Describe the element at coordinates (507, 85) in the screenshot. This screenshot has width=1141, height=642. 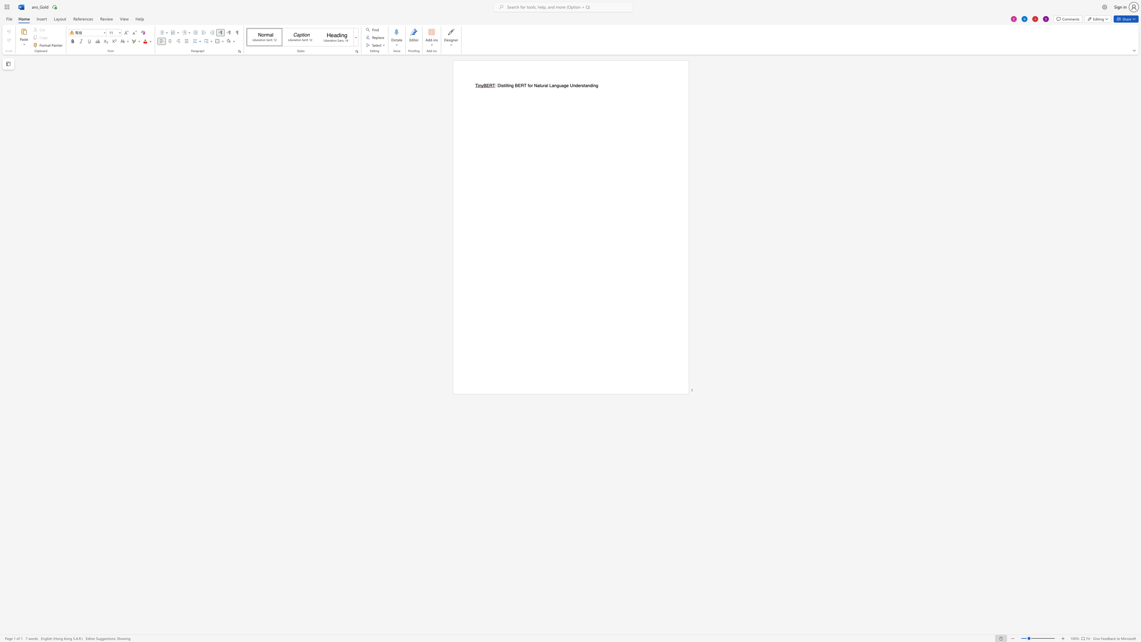
I see `the space between the continuous character "l" and "i" in the text` at that location.